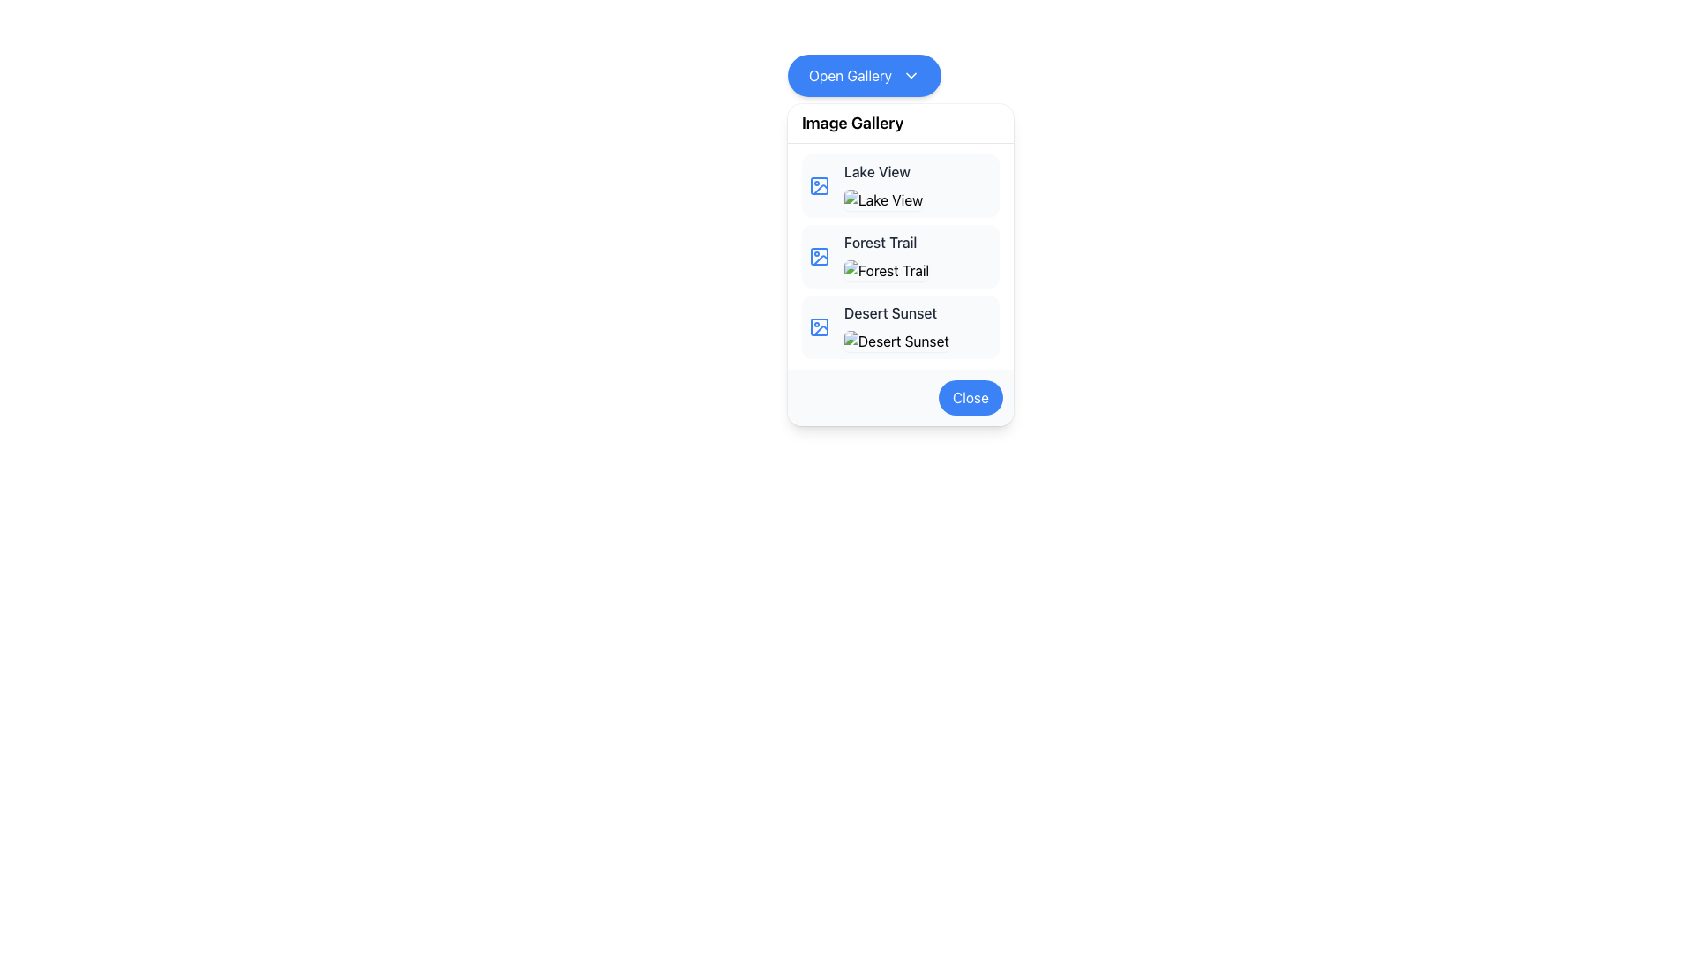 The image size is (1694, 953). Describe the element at coordinates (970, 398) in the screenshot. I see `the circular 'Close' button with a blue background and white text to observe its hover effect` at that location.